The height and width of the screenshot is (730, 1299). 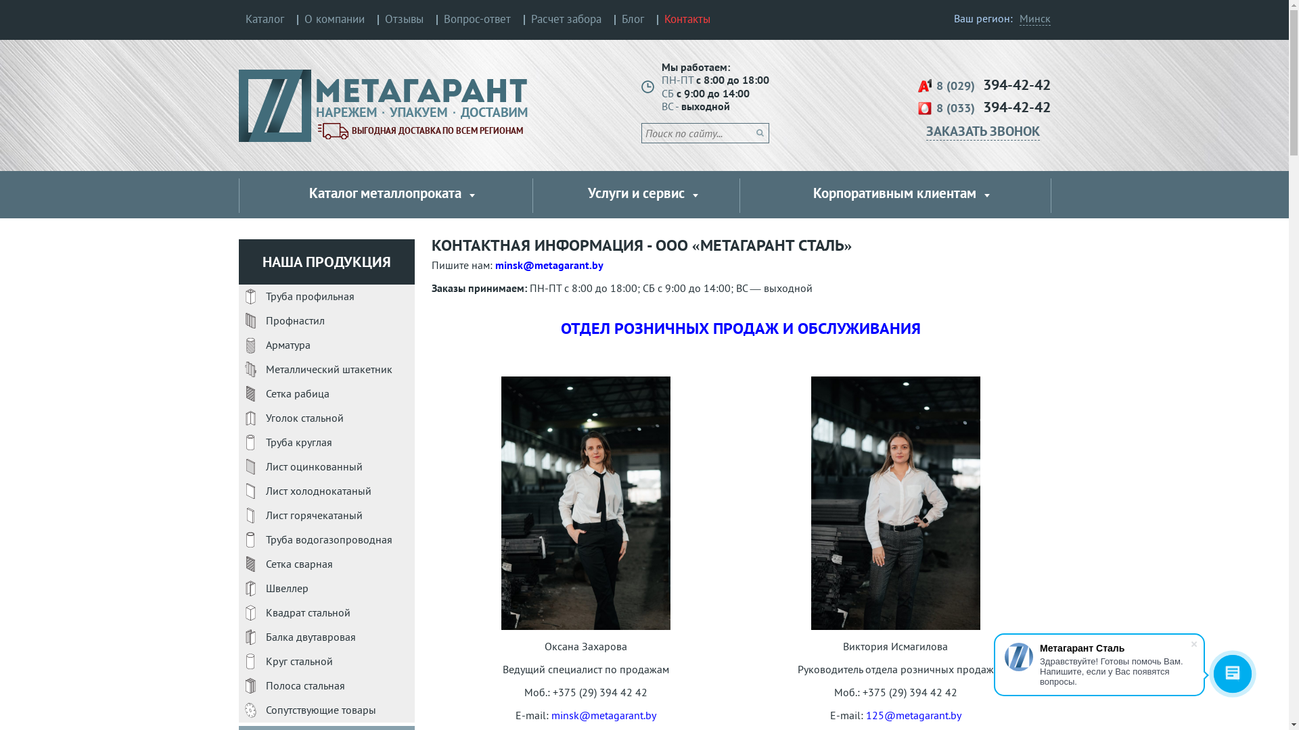 I want to click on '125@metagarant.by', so click(x=913, y=714).